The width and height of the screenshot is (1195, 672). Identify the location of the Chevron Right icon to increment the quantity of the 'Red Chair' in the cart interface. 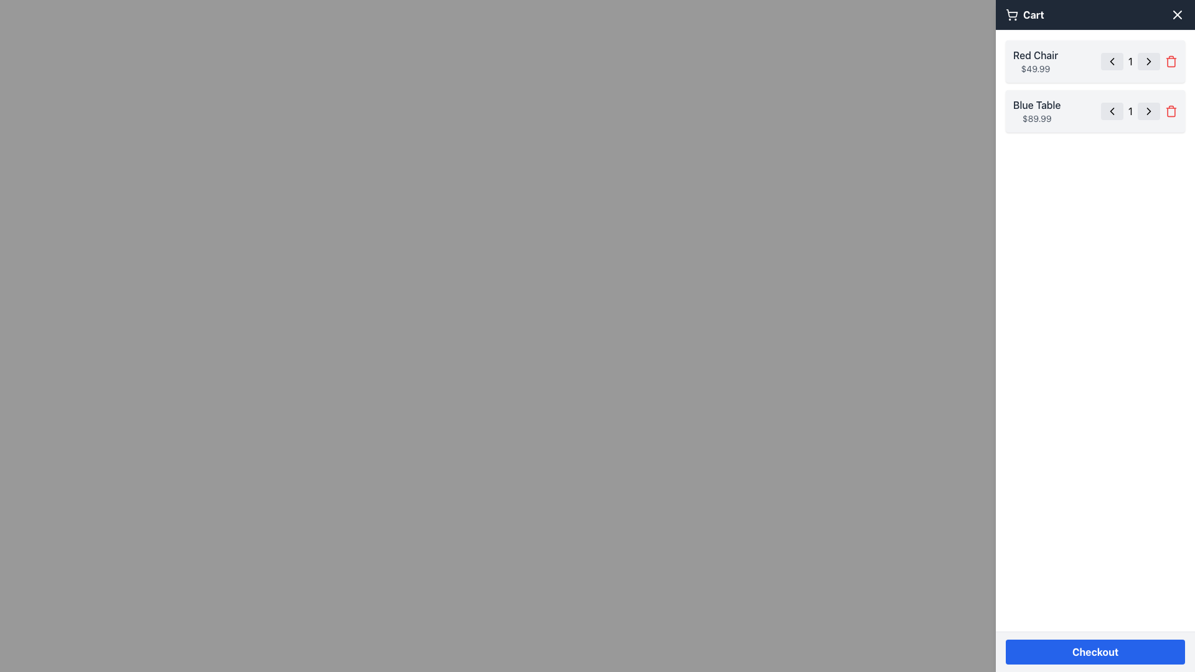
(1148, 62).